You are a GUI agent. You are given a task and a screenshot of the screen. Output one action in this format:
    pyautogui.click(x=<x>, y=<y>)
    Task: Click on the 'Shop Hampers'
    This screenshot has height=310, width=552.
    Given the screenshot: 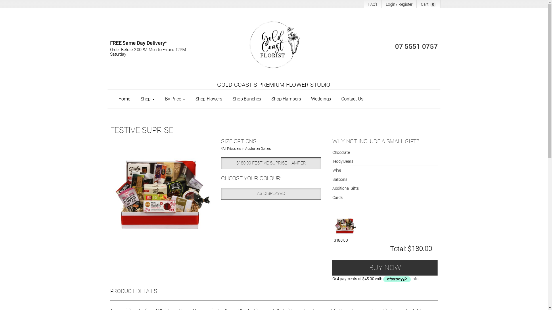 What is the action you would take?
    pyautogui.click(x=286, y=98)
    